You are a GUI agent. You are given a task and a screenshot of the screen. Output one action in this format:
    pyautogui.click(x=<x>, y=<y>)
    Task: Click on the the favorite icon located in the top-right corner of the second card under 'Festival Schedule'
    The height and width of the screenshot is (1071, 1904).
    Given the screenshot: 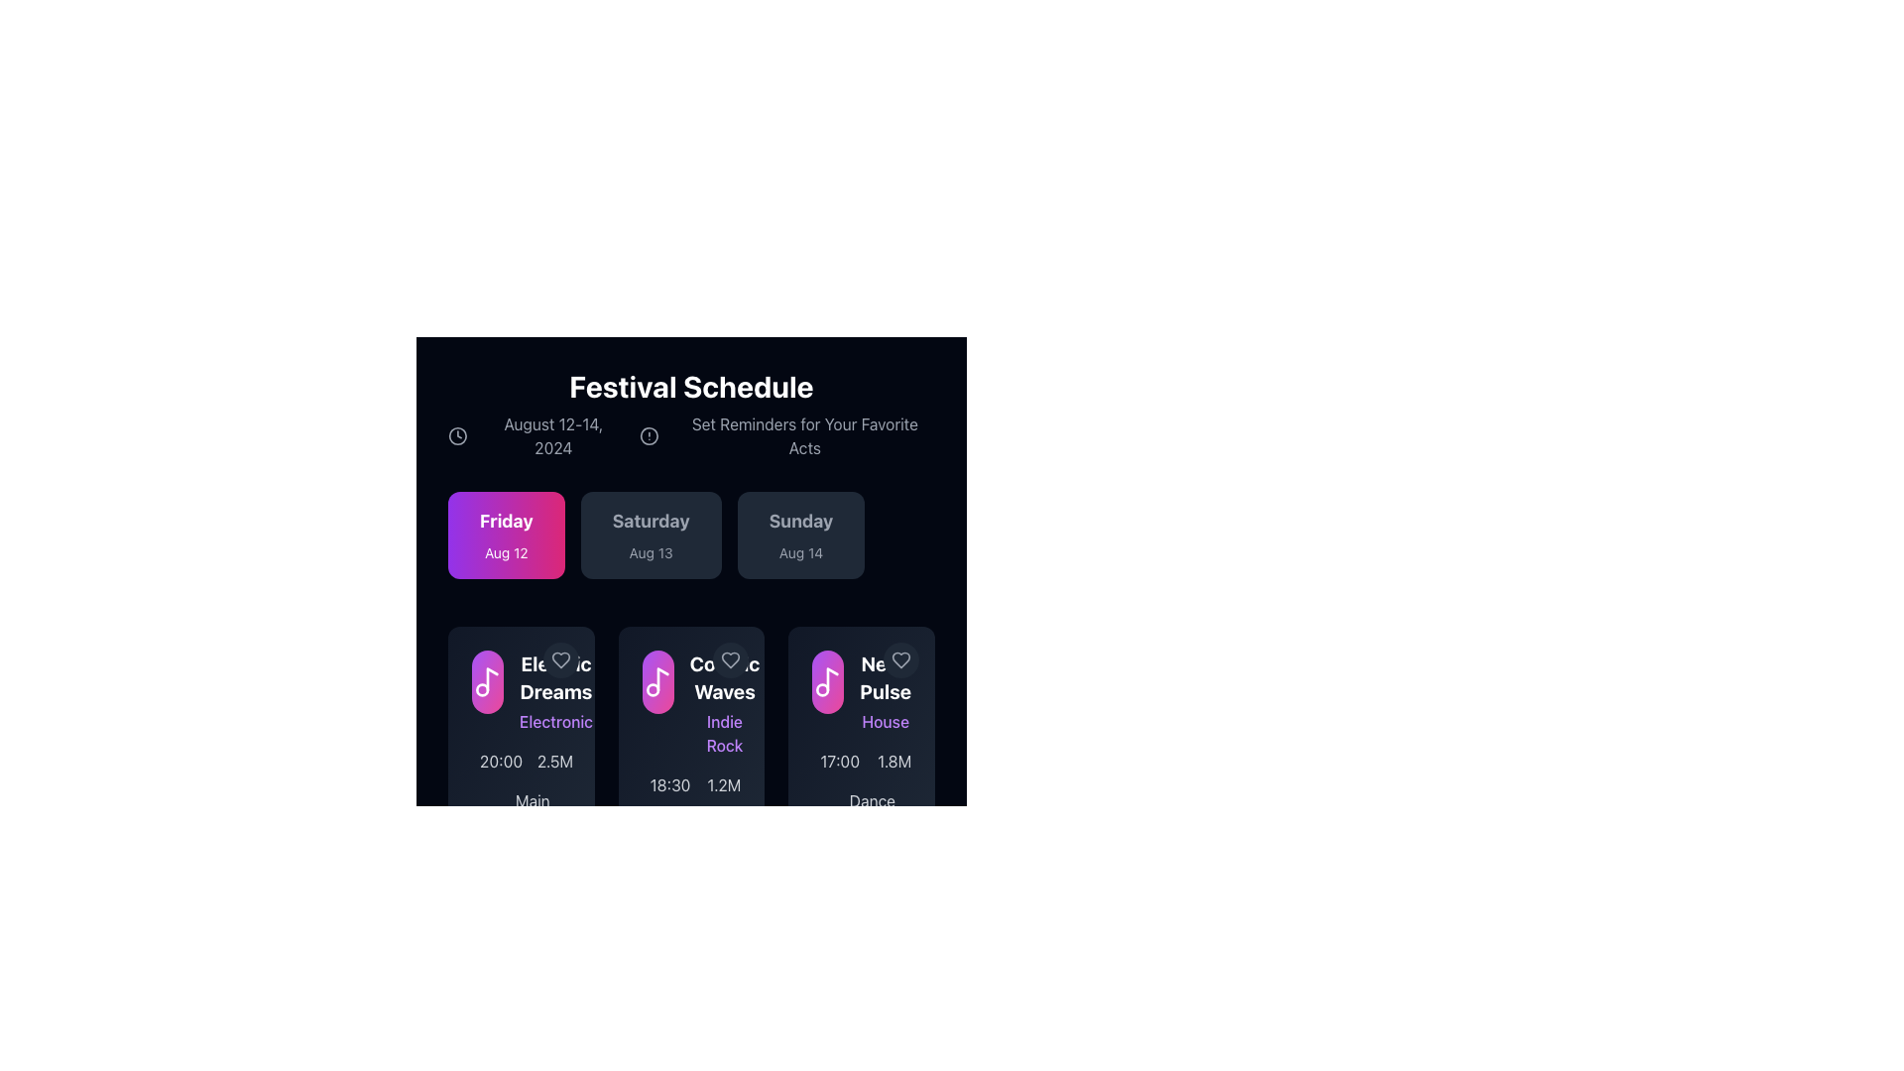 What is the action you would take?
    pyautogui.click(x=899, y=660)
    